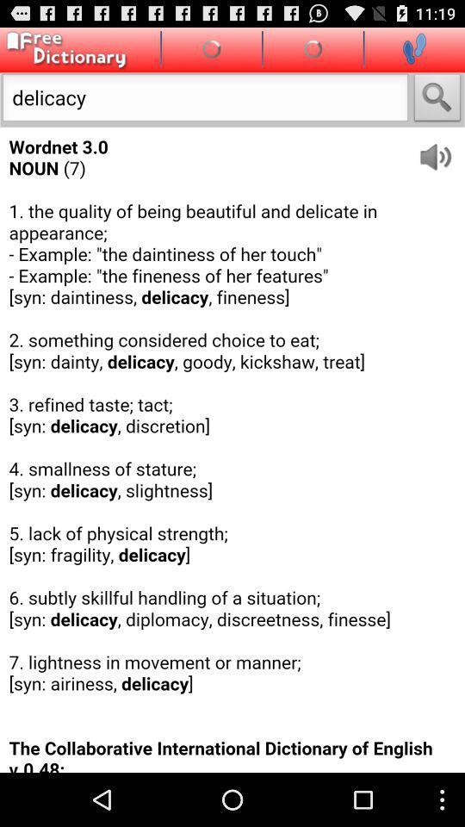 This screenshot has width=465, height=827. What do you see at coordinates (63, 49) in the screenshot?
I see `frontpage` at bounding box center [63, 49].